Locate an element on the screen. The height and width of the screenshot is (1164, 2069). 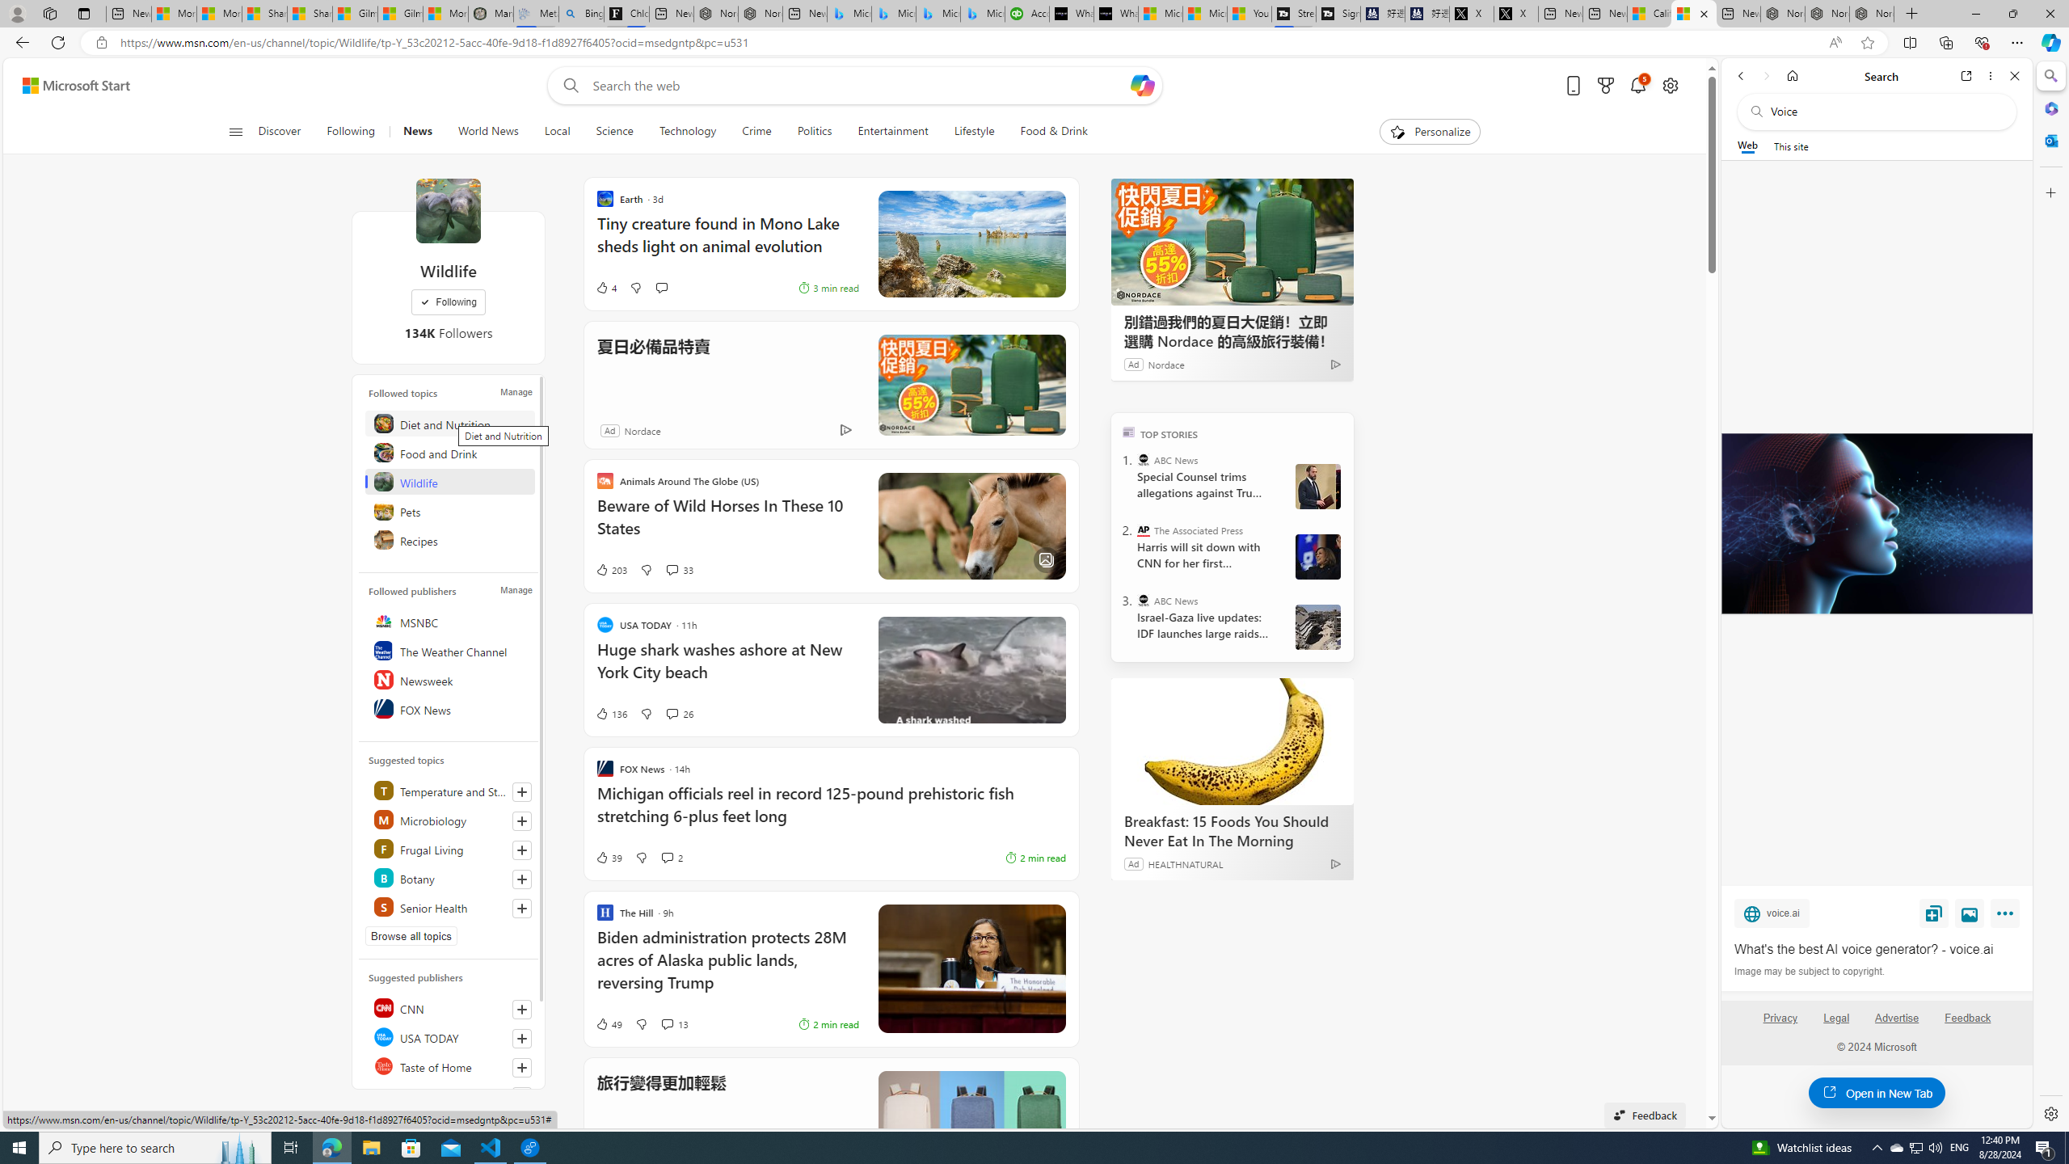
'voice.ai' is located at coordinates (1772, 913).